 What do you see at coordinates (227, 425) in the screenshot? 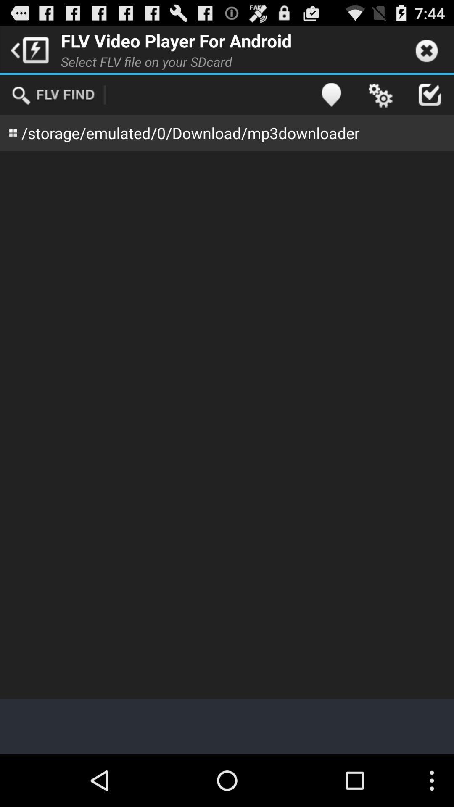
I see `the icon at the center` at bounding box center [227, 425].